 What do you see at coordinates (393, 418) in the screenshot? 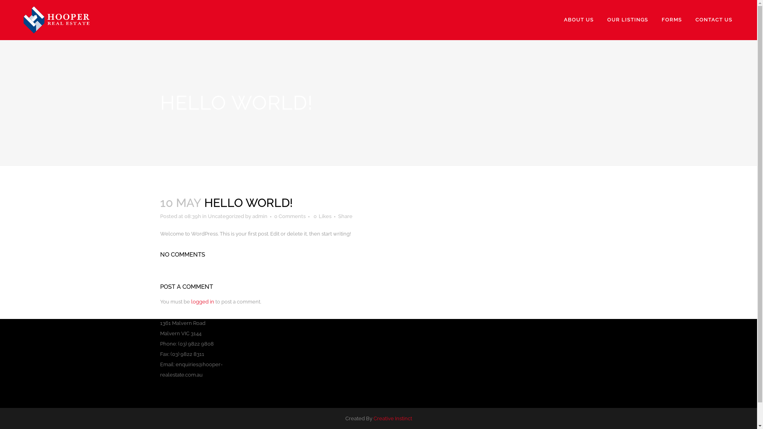
I see `'Creative Instinct'` at bounding box center [393, 418].